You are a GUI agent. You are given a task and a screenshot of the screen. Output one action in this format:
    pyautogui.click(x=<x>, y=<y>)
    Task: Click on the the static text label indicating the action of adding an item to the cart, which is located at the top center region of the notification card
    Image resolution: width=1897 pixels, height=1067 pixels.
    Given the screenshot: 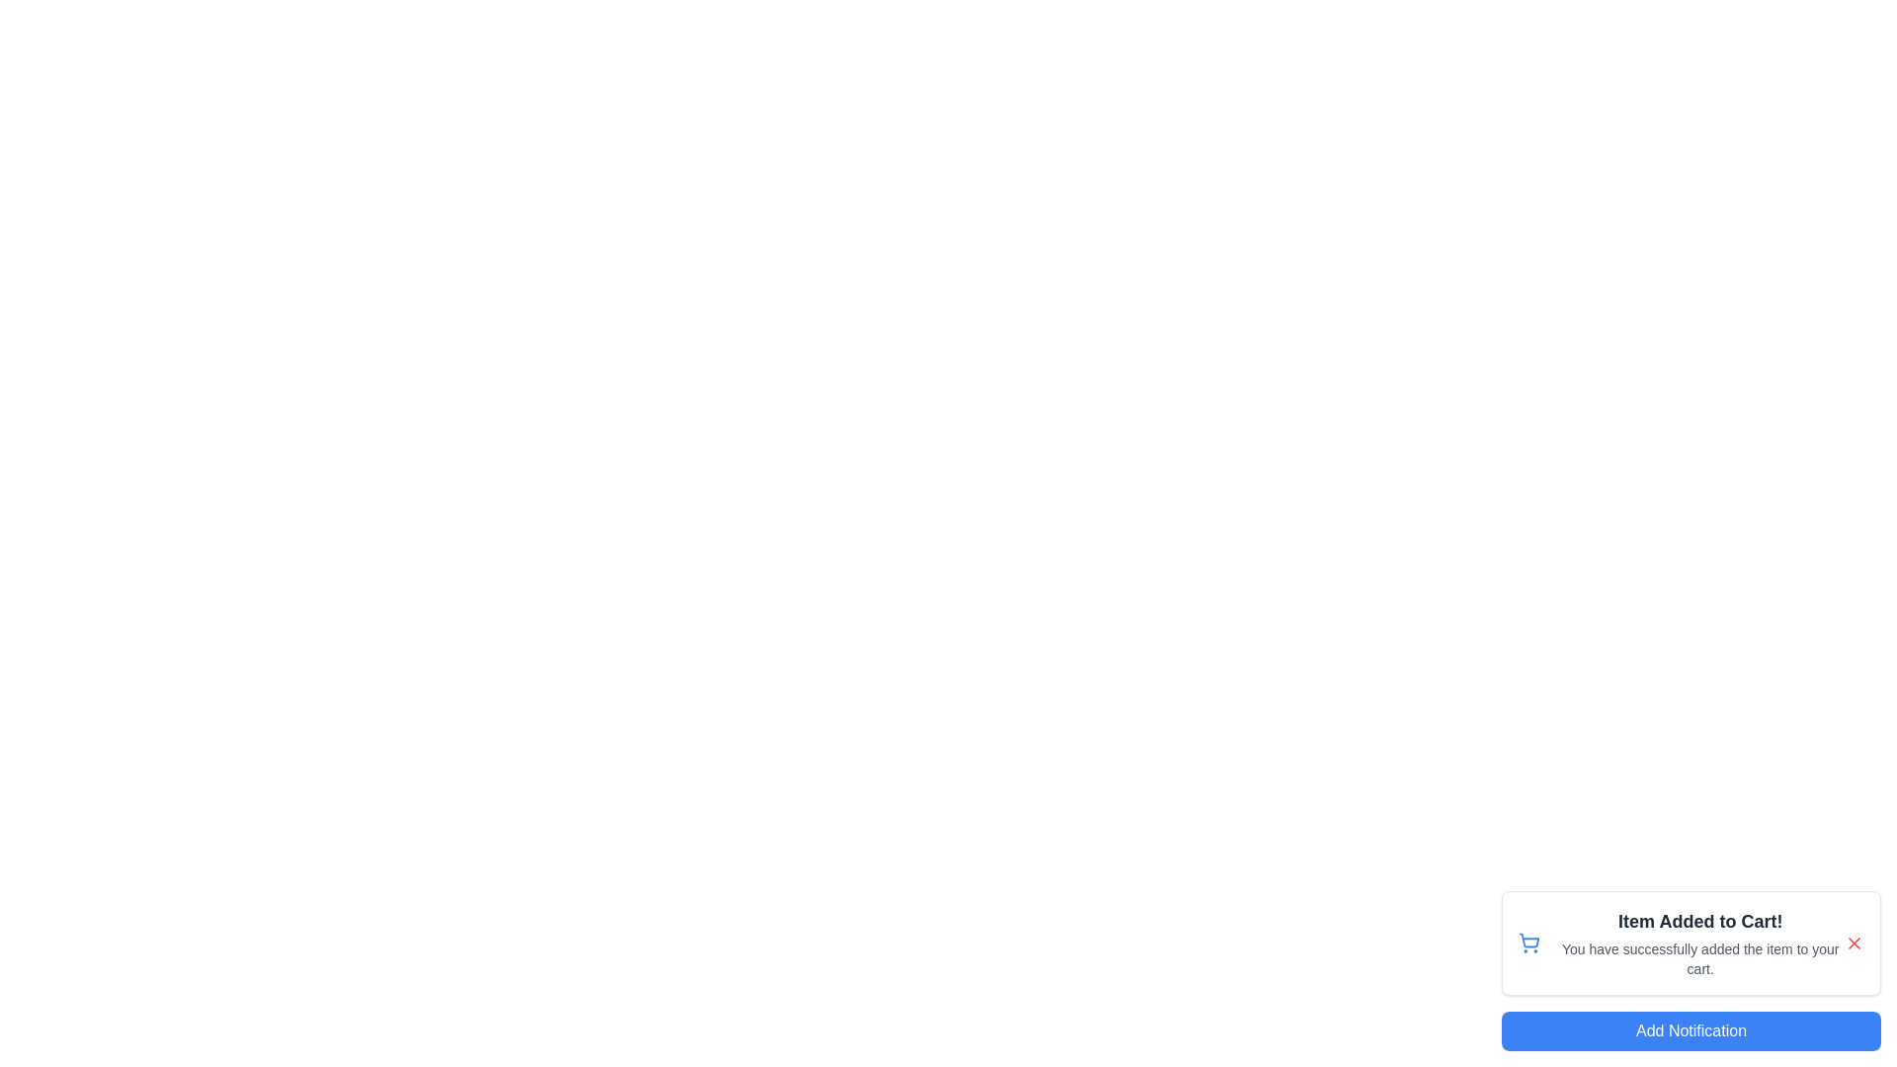 What is the action you would take?
    pyautogui.click(x=1699, y=922)
    